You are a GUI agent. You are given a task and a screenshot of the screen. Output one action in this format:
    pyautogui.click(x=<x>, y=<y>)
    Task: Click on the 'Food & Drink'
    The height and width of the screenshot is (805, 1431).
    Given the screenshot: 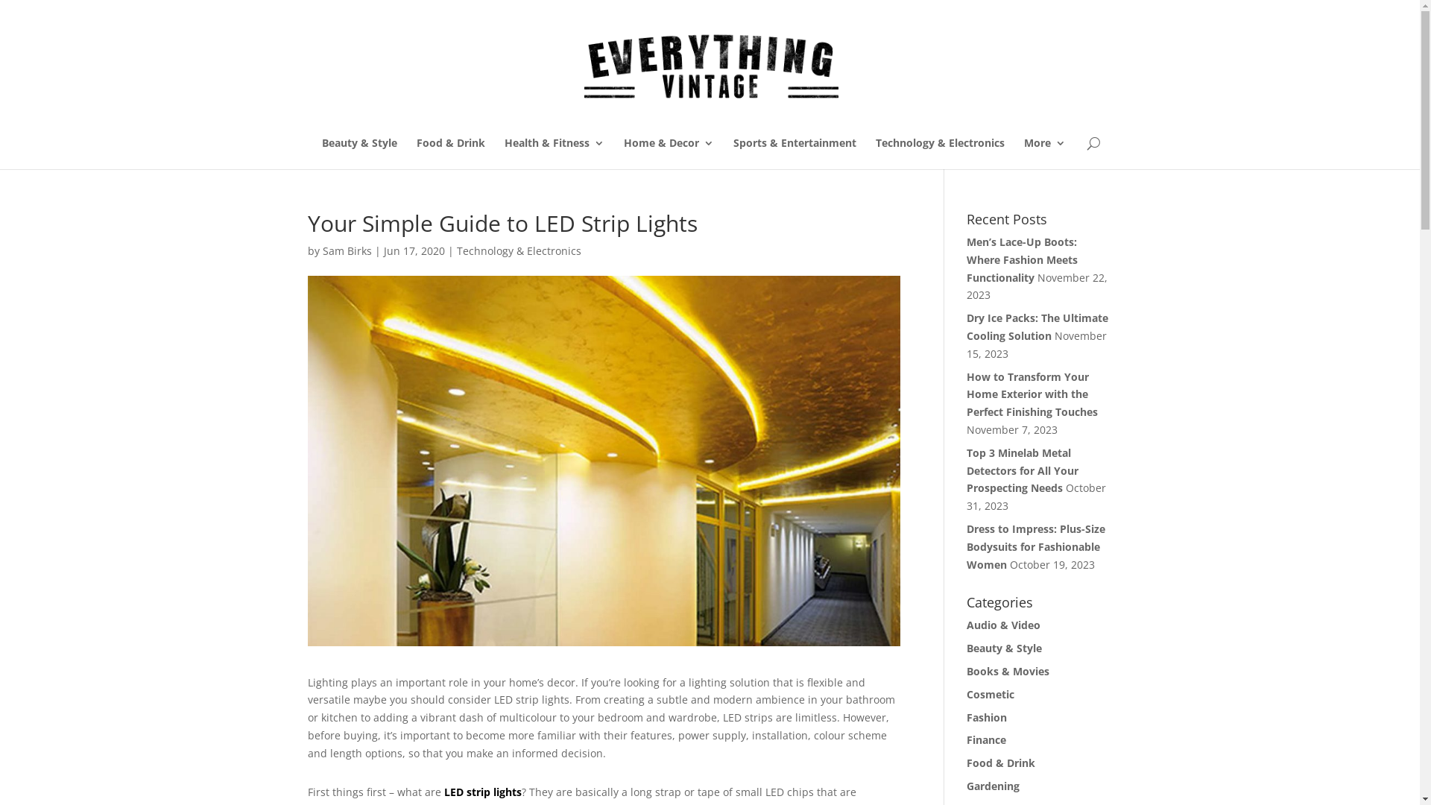 What is the action you would take?
    pyautogui.click(x=1001, y=763)
    